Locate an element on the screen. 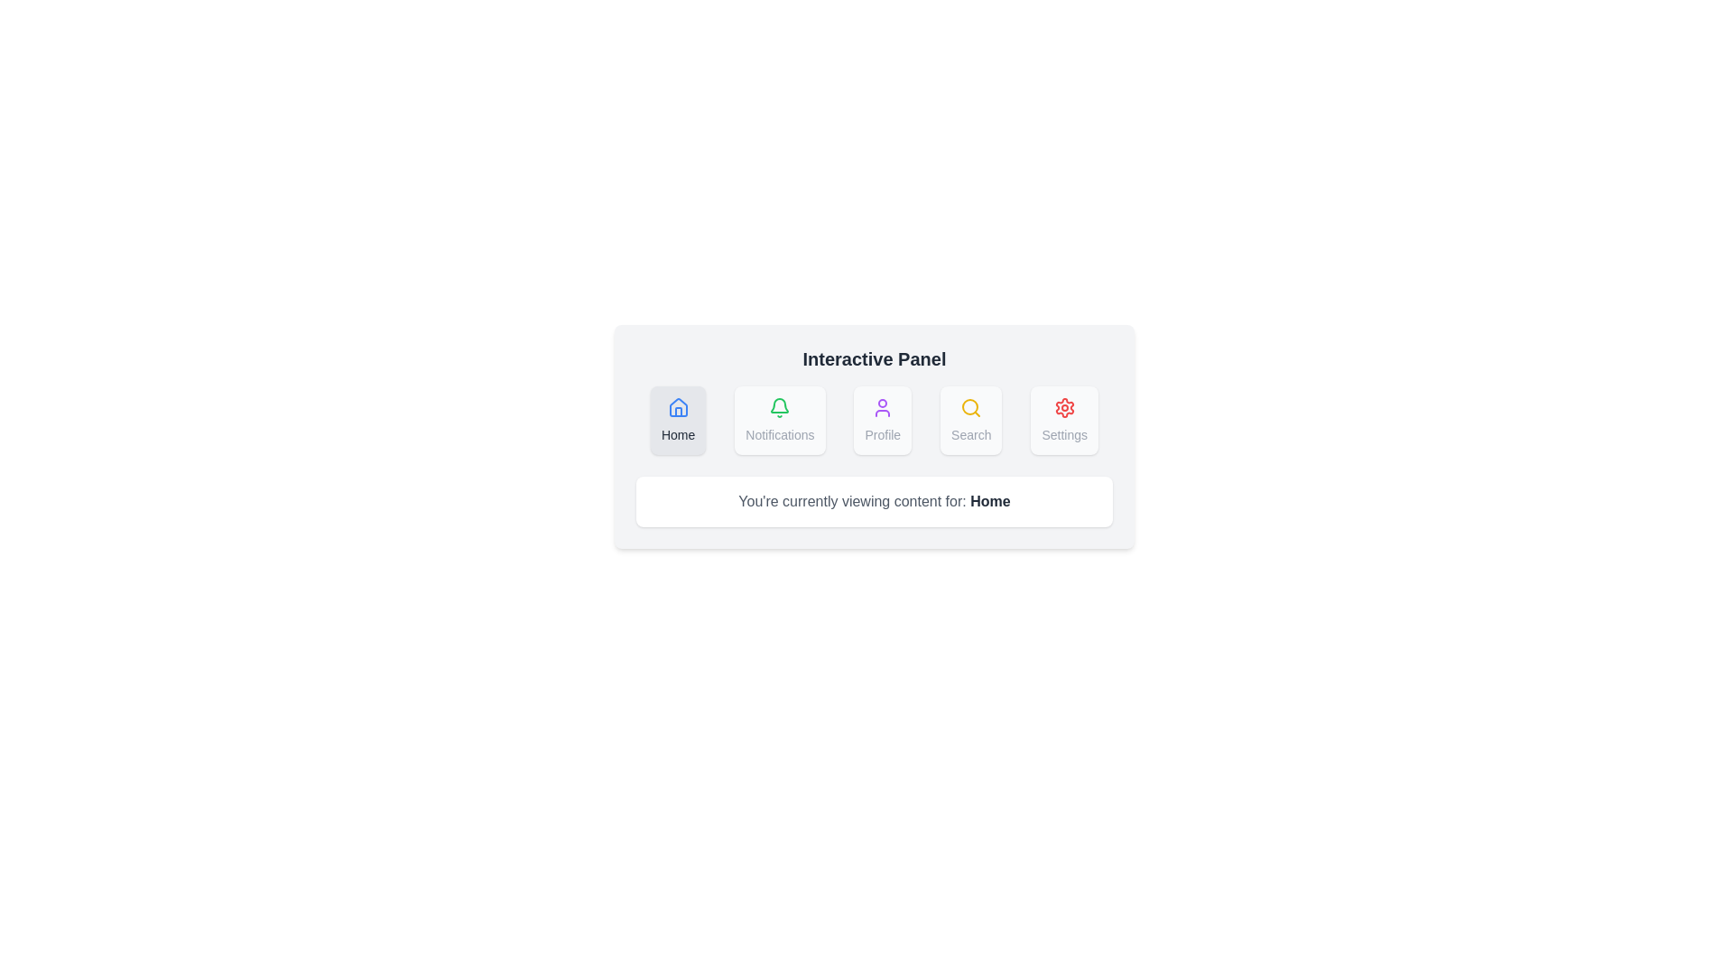 The image size is (1733, 975). the 'Search' text label, which is located at the center bottom of the button labeled 'Search', the fourth button from the left in a row of five buttons is located at coordinates (970, 435).